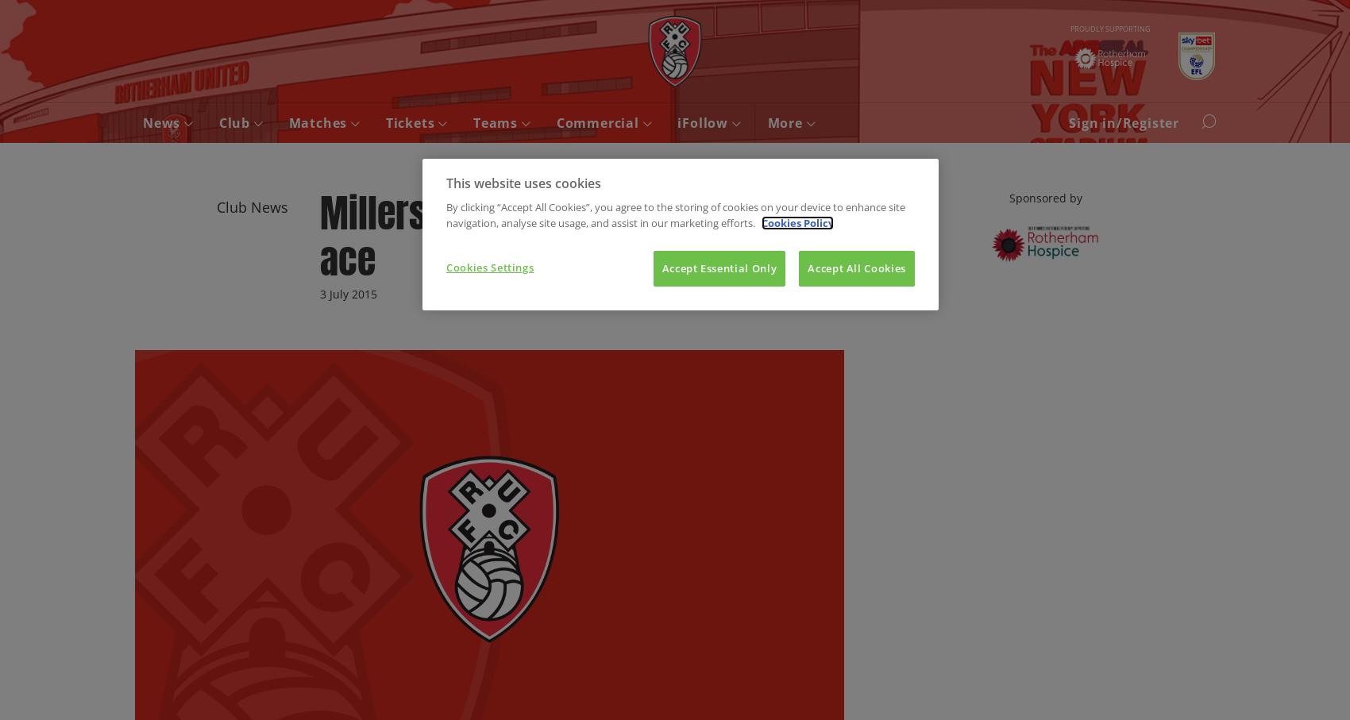  I want to click on 'iFollow', so click(704, 123).